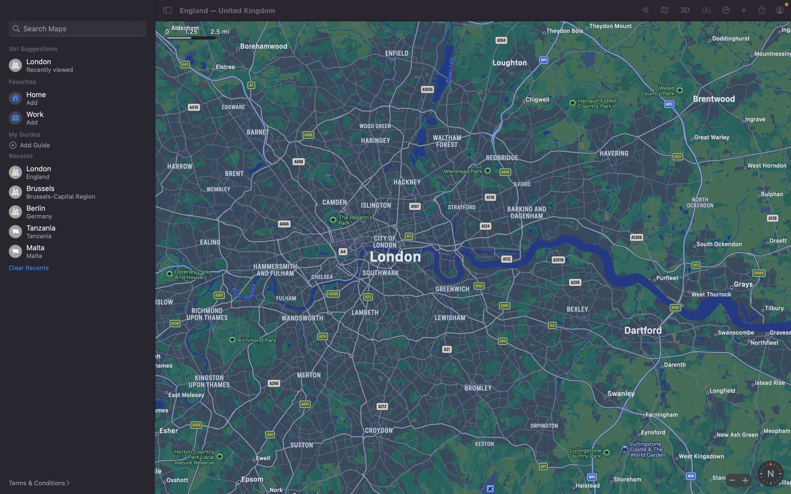 The image size is (791, 494). I want to click on Add a new location "bars" to your guide, so click(80, 145).